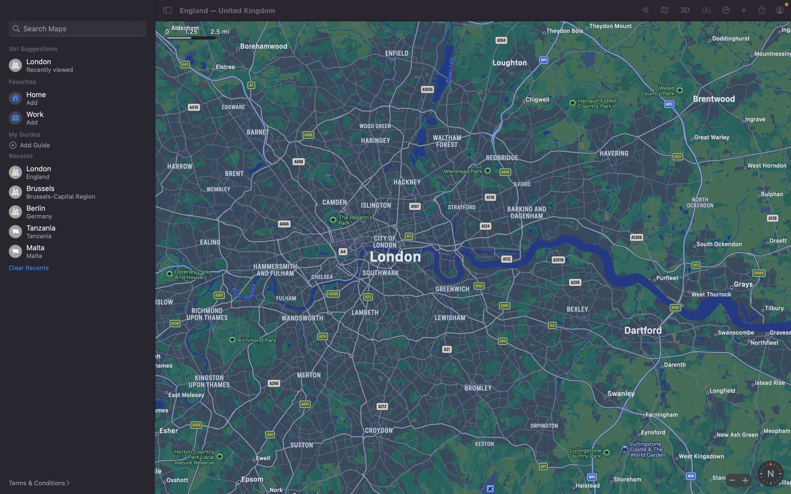 The image size is (791, 494). I want to click on Add a new location "bars" to your guide, so click(80, 145).